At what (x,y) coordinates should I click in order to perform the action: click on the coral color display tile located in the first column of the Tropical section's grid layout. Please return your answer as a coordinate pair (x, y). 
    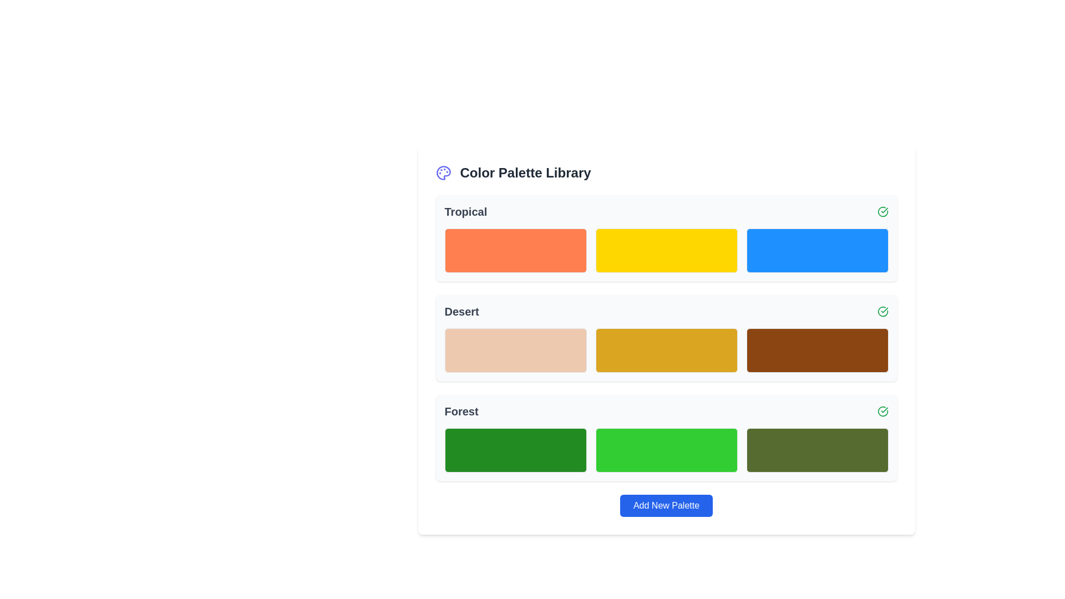
    Looking at the image, I should click on (515, 250).